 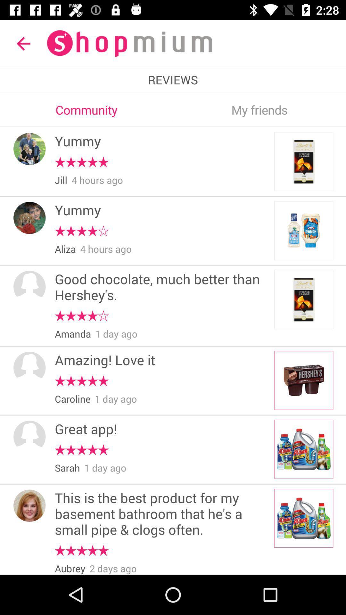 What do you see at coordinates (29, 218) in the screenshot?
I see `item next to the yummy icon` at bounding box center [29, 218].